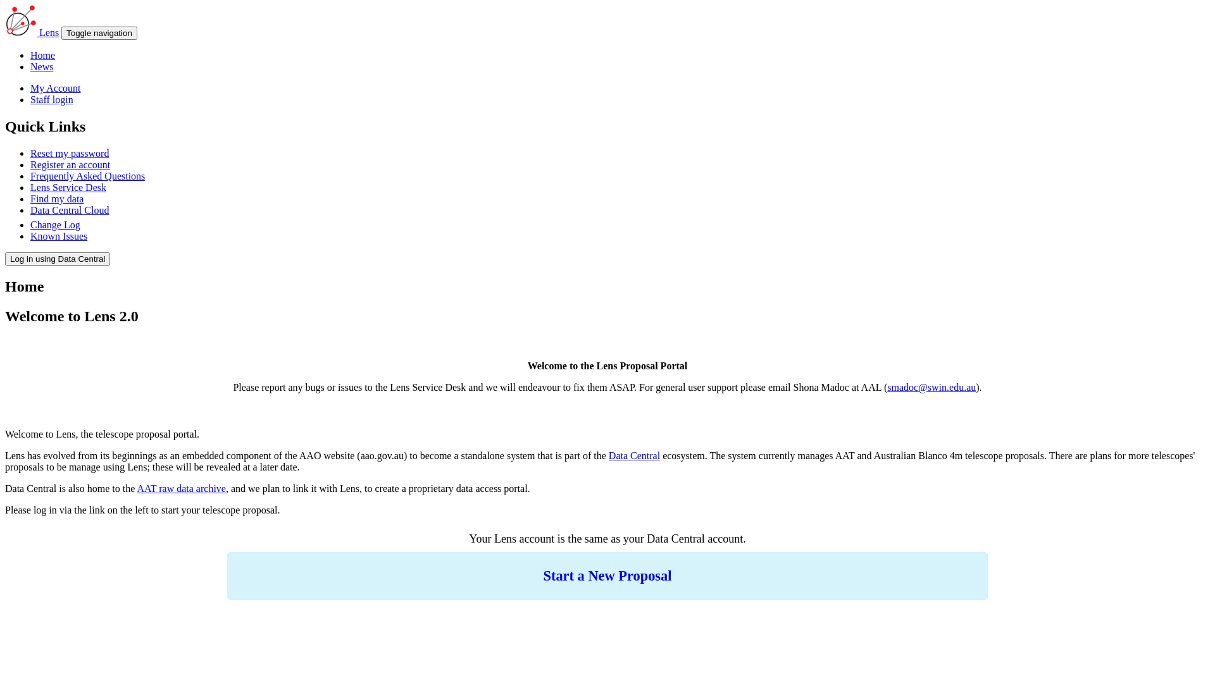 The width and height of the screenshot is (1215, 683). I want to click on 'Frequently Asked Questions', so click(30, 176).